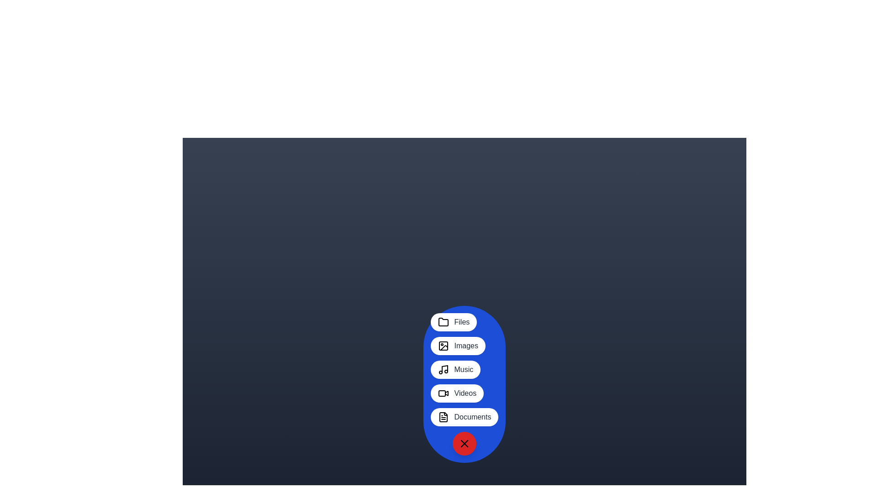 The width and height of the screenshot is (877, 493). What do you see at coordinates (465, 443) in the screenshot?
I see `the toggle button to open or close the menu` at bounding box center [465, 443].